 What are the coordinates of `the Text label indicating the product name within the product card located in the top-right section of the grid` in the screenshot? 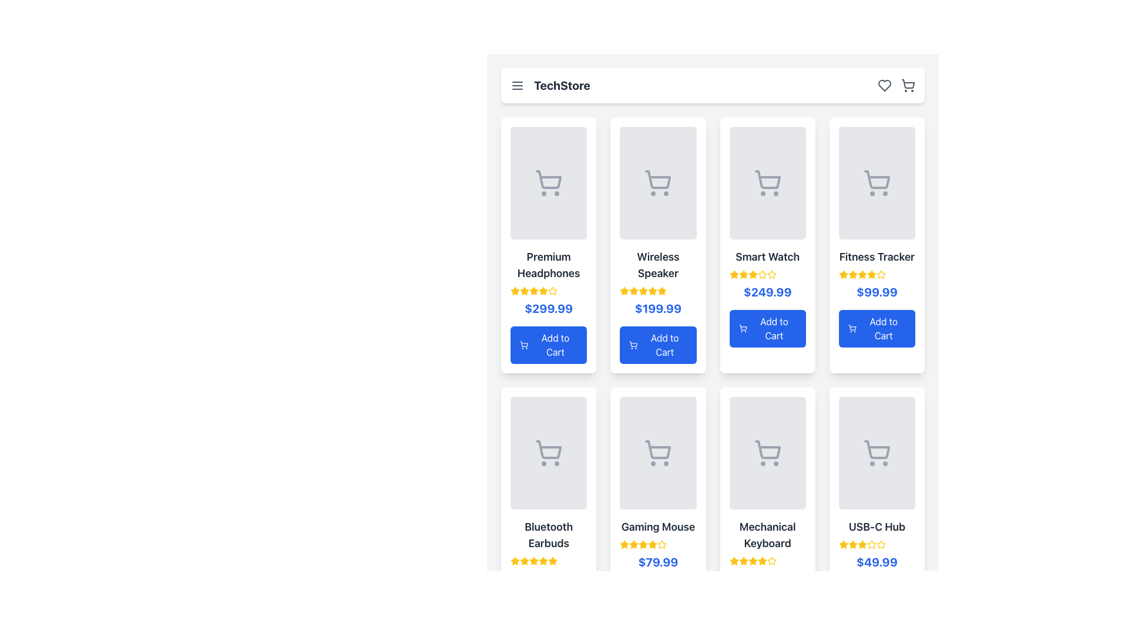 It's located at (877, 257).